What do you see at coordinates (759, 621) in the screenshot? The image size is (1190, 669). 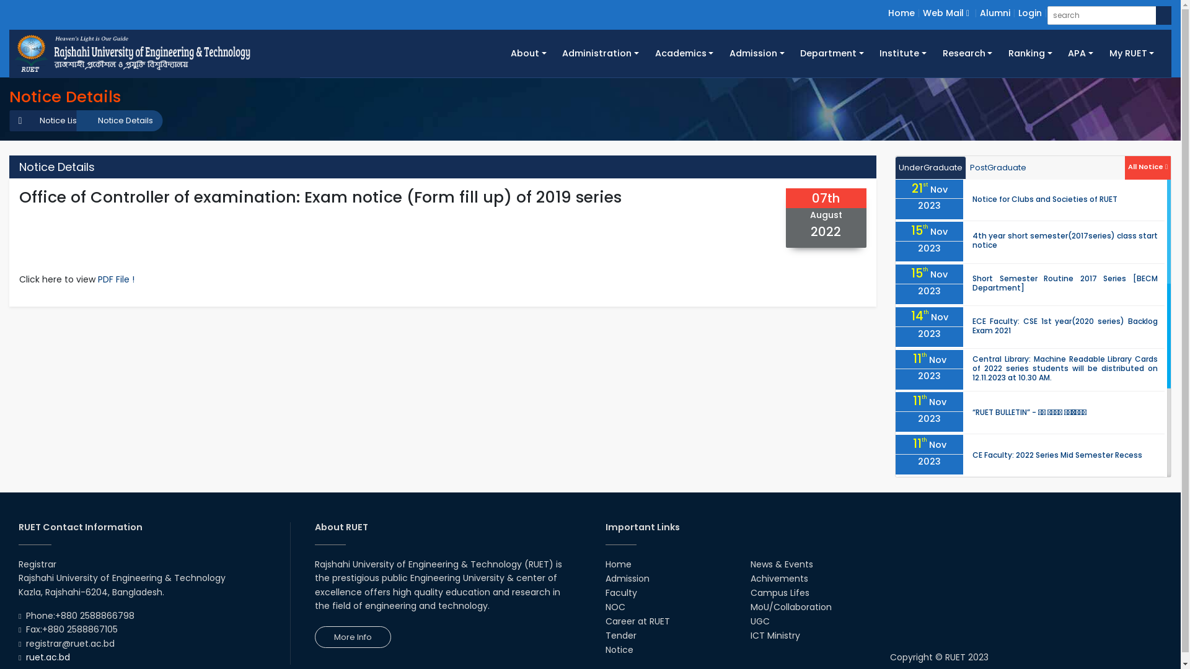 I see `'UGC'` at bounding box center [759, 621].